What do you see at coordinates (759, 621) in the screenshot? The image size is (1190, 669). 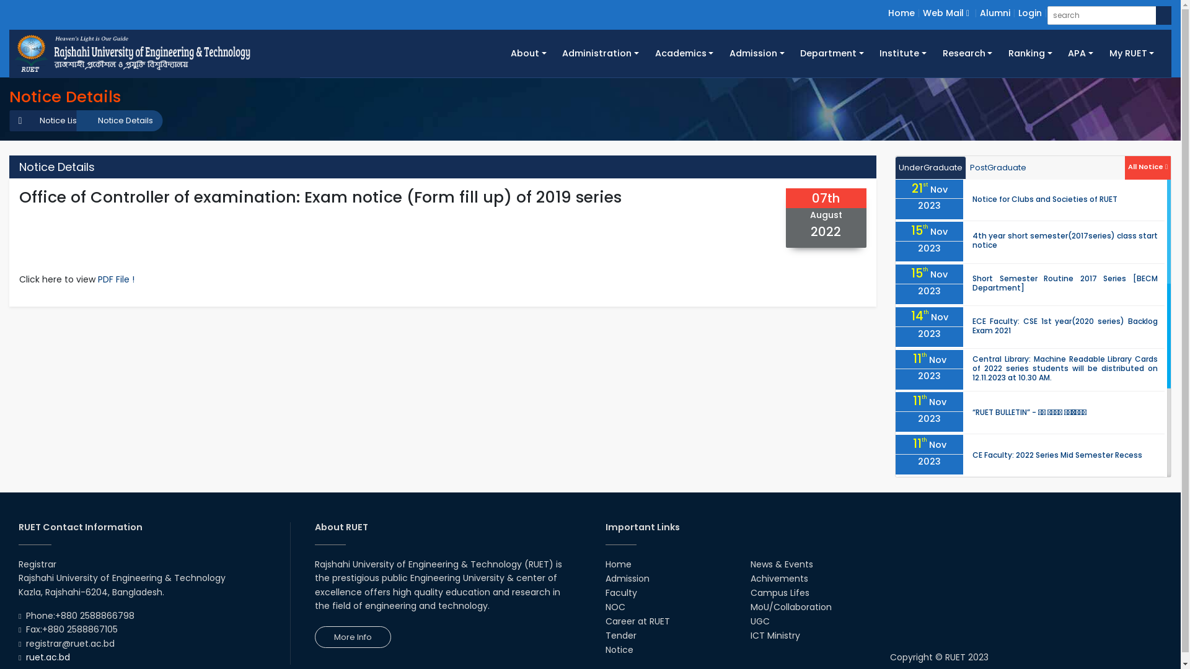 I see `'UGC'` at bounding box center [759, 621].